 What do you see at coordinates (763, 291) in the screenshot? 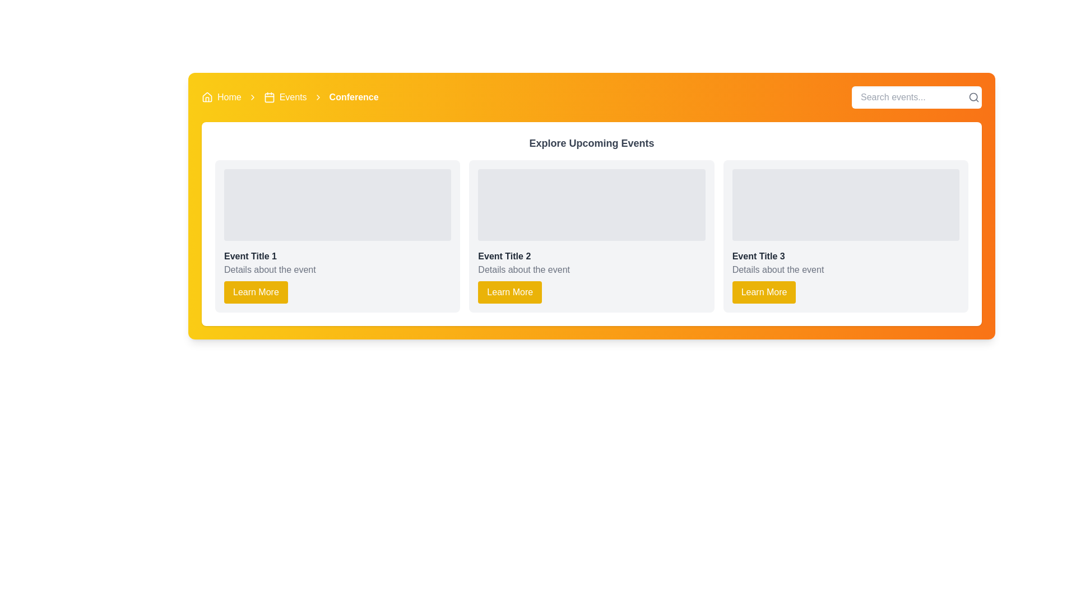
I see `the 'Learn More' button with a yellow background and white text located at the bottom-right corner of the event card labeled 'Event Title 3'` at bounding box center [763, 291].